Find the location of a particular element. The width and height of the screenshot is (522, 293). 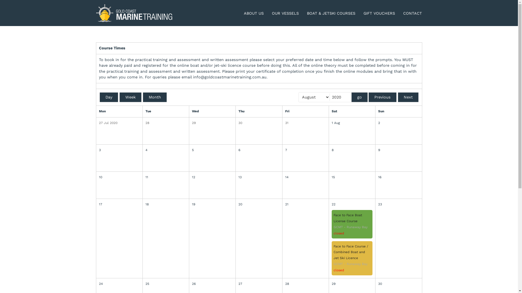

'22' is located at coordinates (352, 204).